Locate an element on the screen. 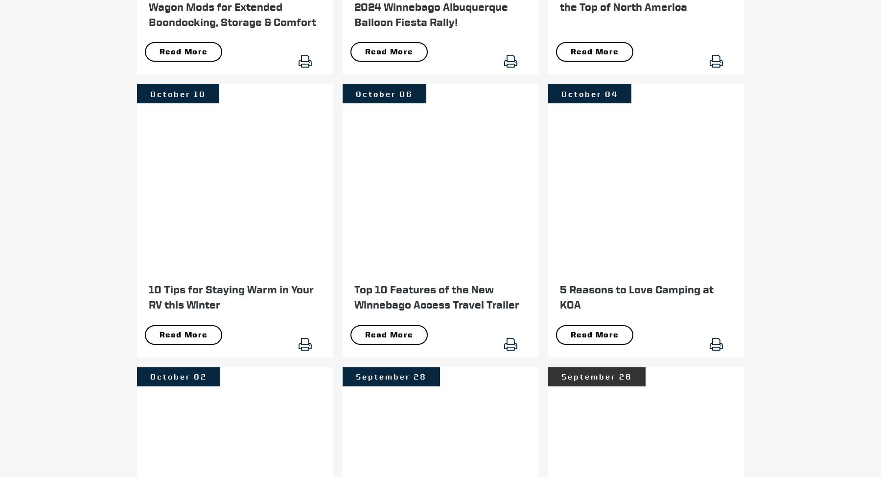  'Top 10 Features of the New Winnebago Access Travel Trailer' is located at coordinates (437, 296).